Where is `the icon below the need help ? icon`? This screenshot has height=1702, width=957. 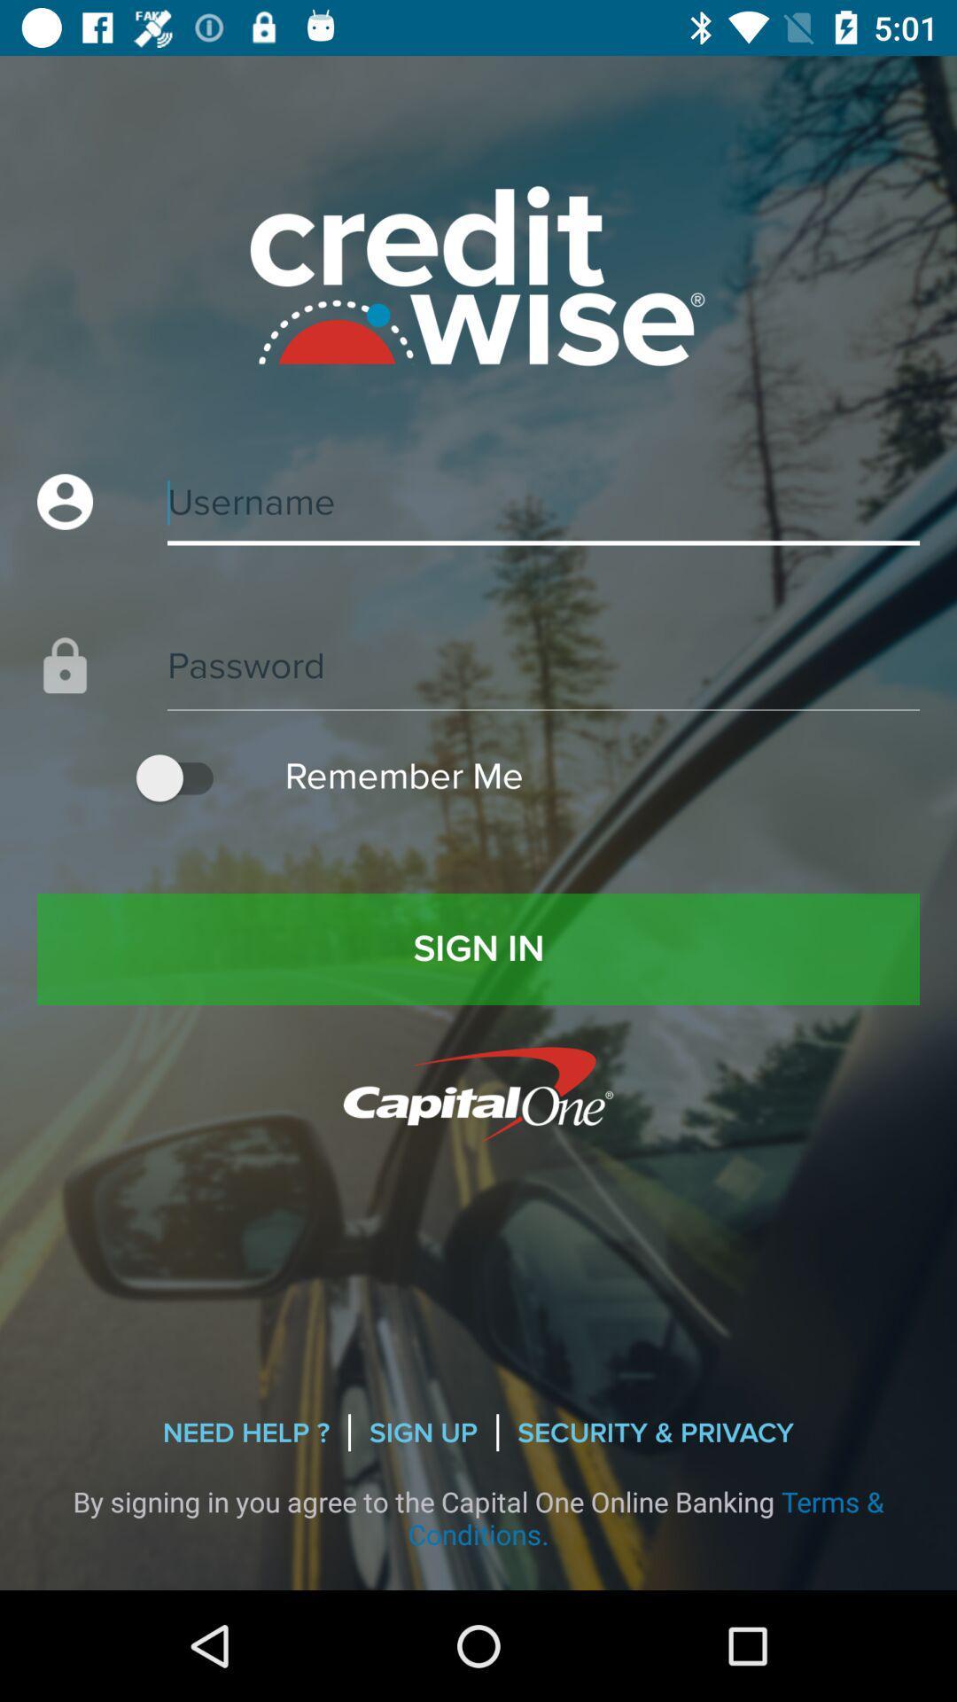 the icon below the need help ? icon is located at coordinates (478, 1517).